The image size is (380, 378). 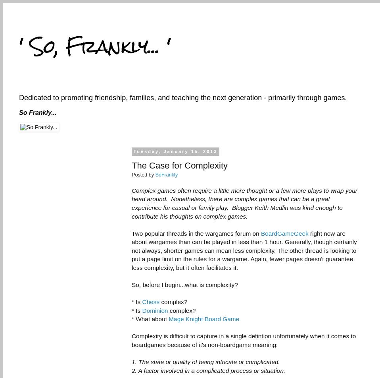 What do you see at coordinates (131, 361) in the screenshot?
I see `'1. The state or quality of being intricate or complicated.'` at bounding box center [131, 361].